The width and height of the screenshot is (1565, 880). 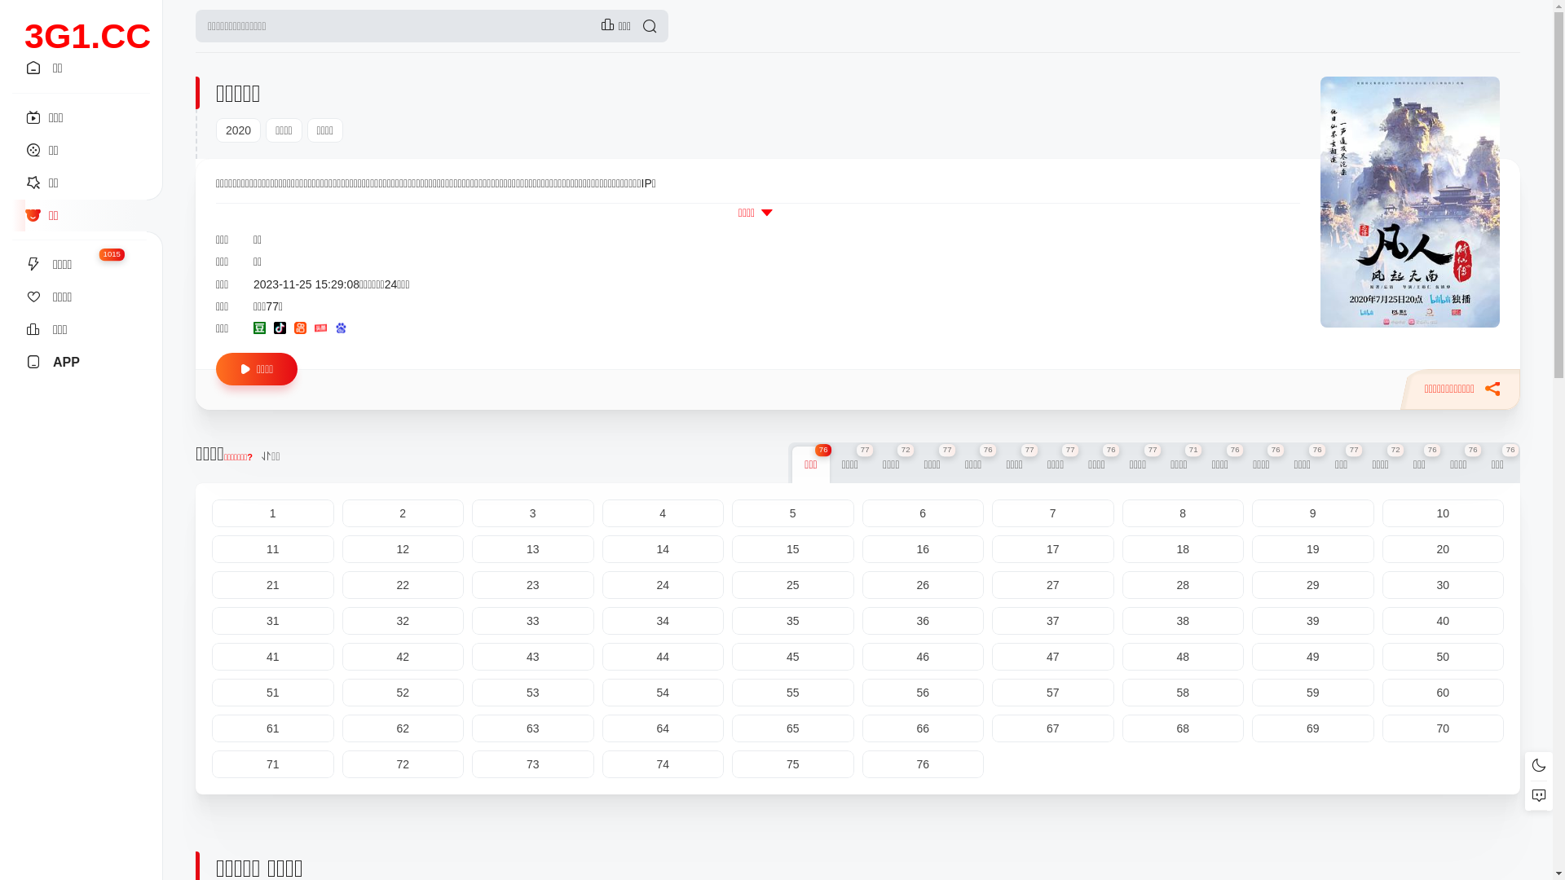 What do you see at coordinates (403, 656) in the screenshot?
I see `'42'` at bounding box center [403, 656].